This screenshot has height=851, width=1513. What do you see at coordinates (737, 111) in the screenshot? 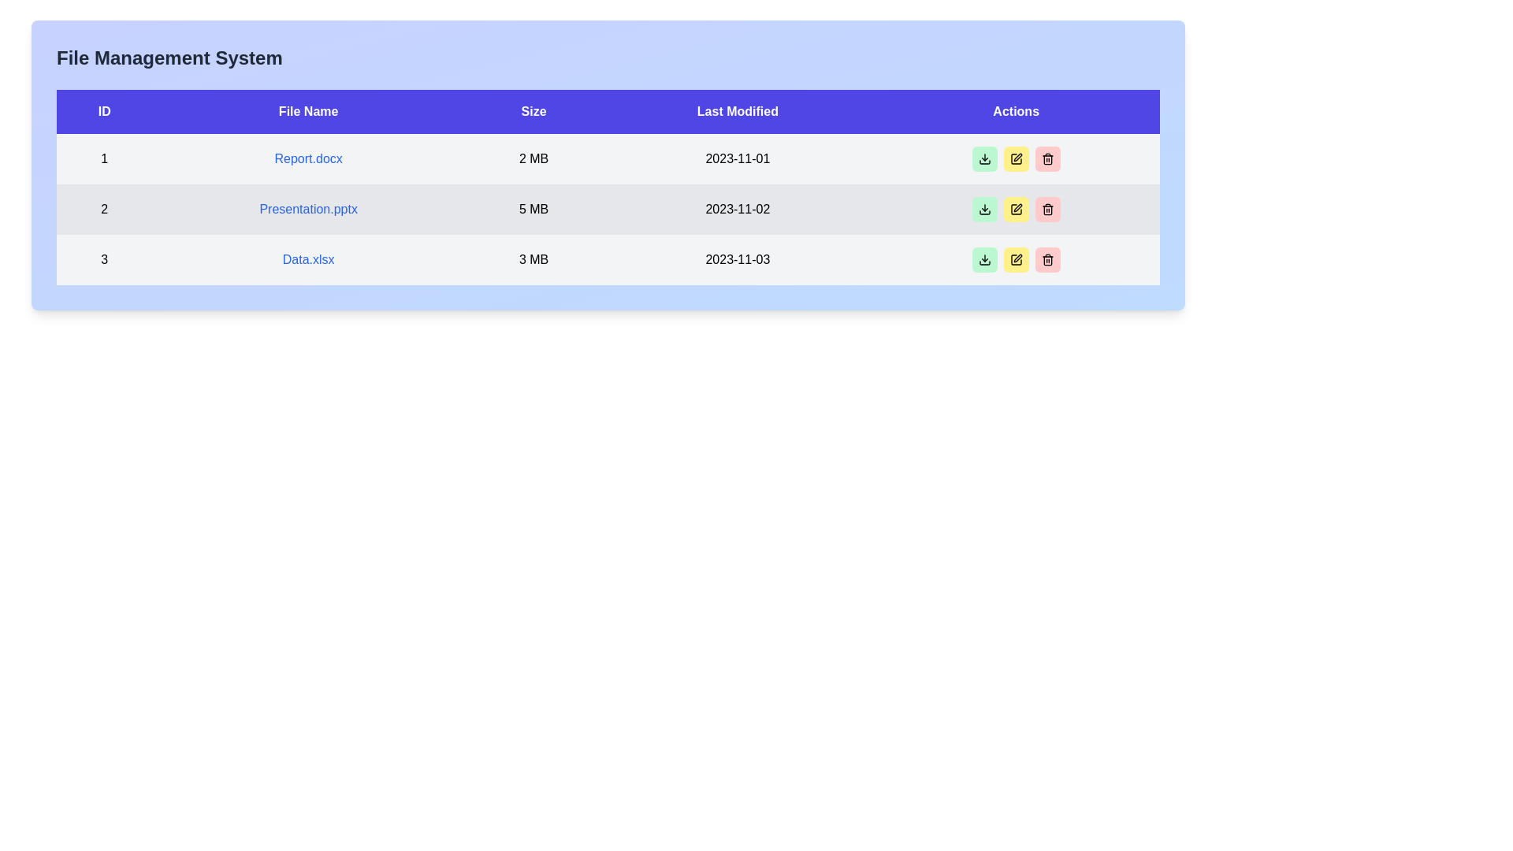
I see `the text label reading 'Last Modified' which is displayed in white against a solid purple background, located in the fourth column of the table header` at bounding box center [737, 111].